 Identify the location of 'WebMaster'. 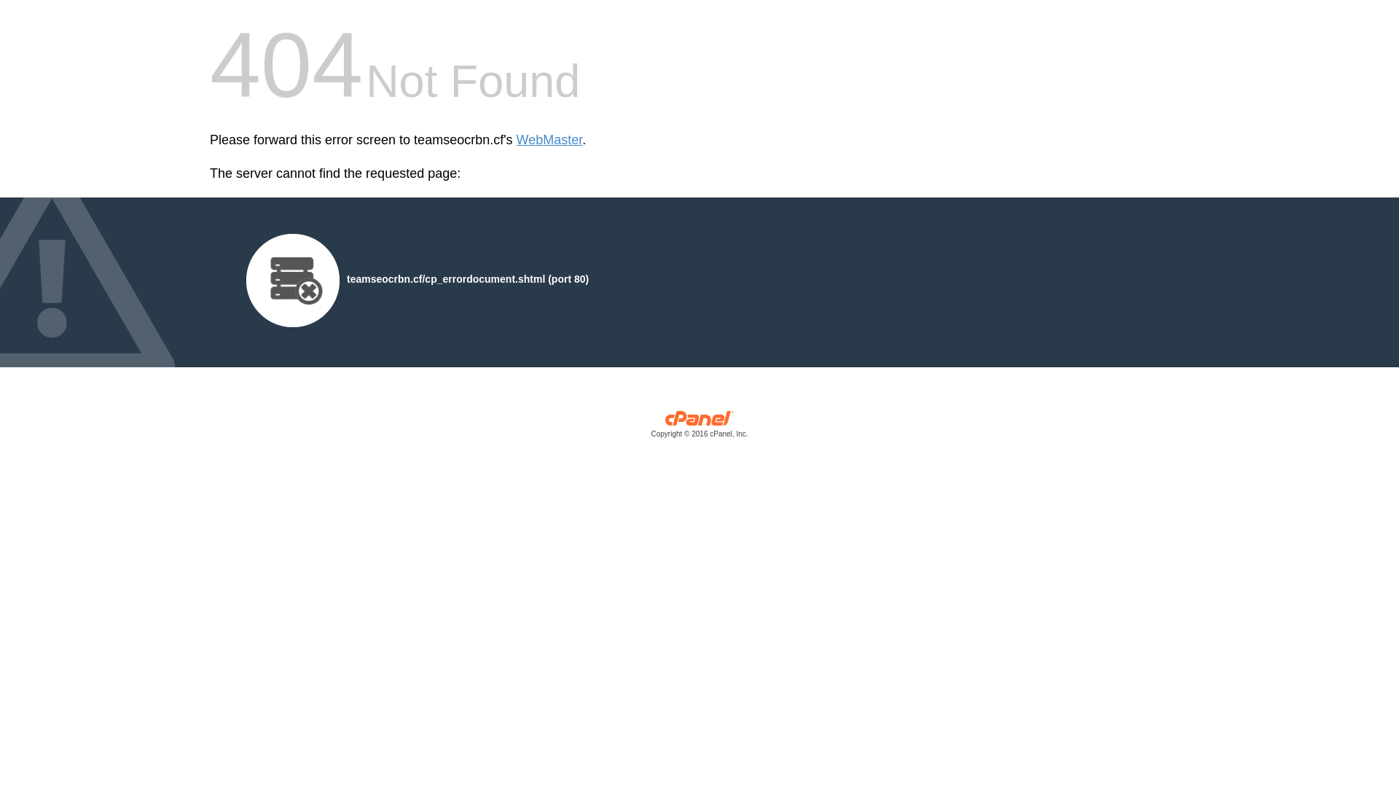
(517, 140).